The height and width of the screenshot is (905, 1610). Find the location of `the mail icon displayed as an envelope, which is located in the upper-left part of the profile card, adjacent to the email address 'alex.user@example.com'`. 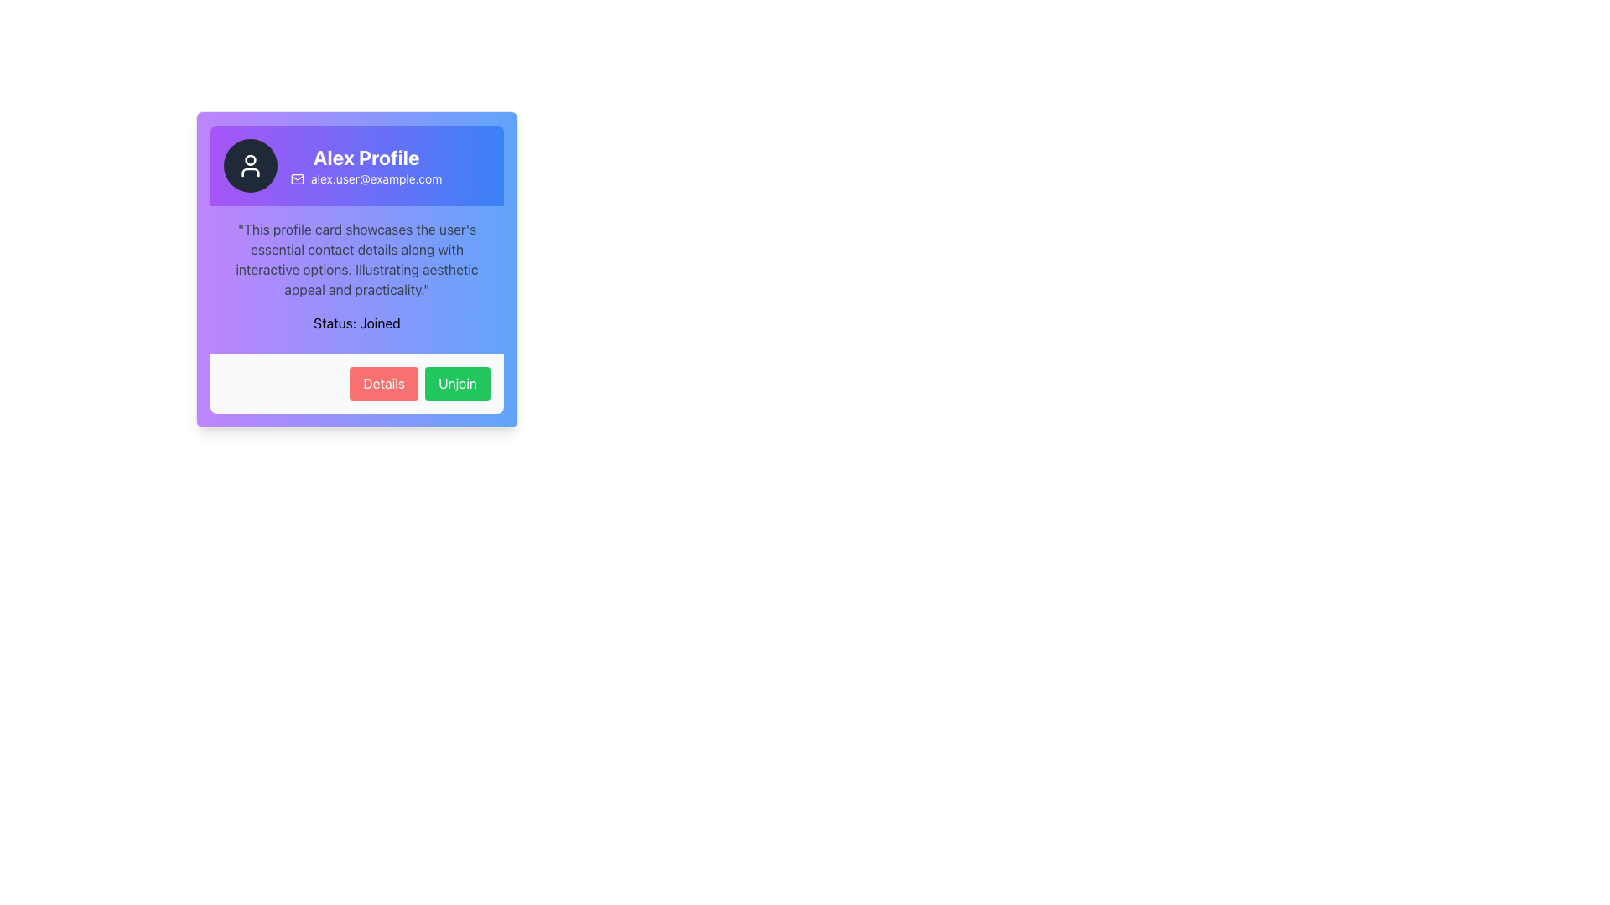

the mail icon displayed as an envelope, which is located in the upper-left part of the profile card, adjacent to the email address 'alex.user@example.com' is located at coordinates (298, 178).